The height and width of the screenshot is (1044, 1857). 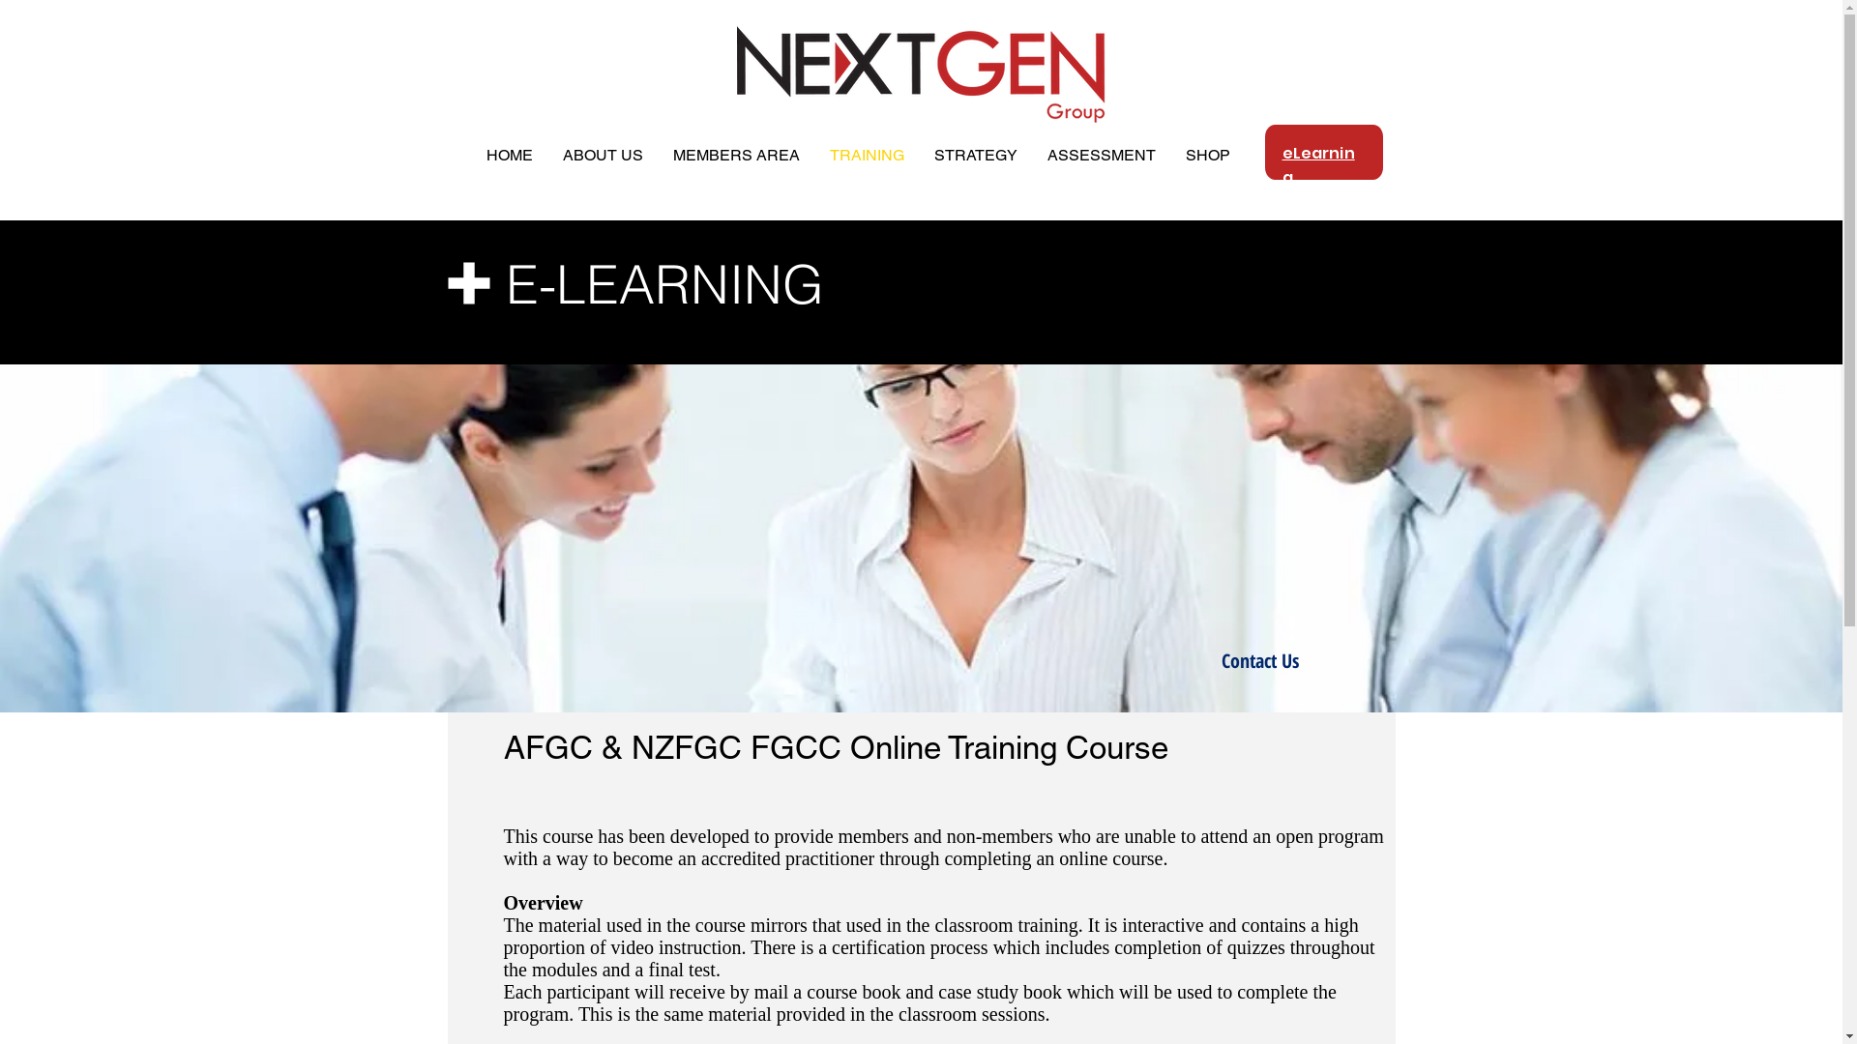 I want to click on 'STRATEGY', so click(x=918, y=155).